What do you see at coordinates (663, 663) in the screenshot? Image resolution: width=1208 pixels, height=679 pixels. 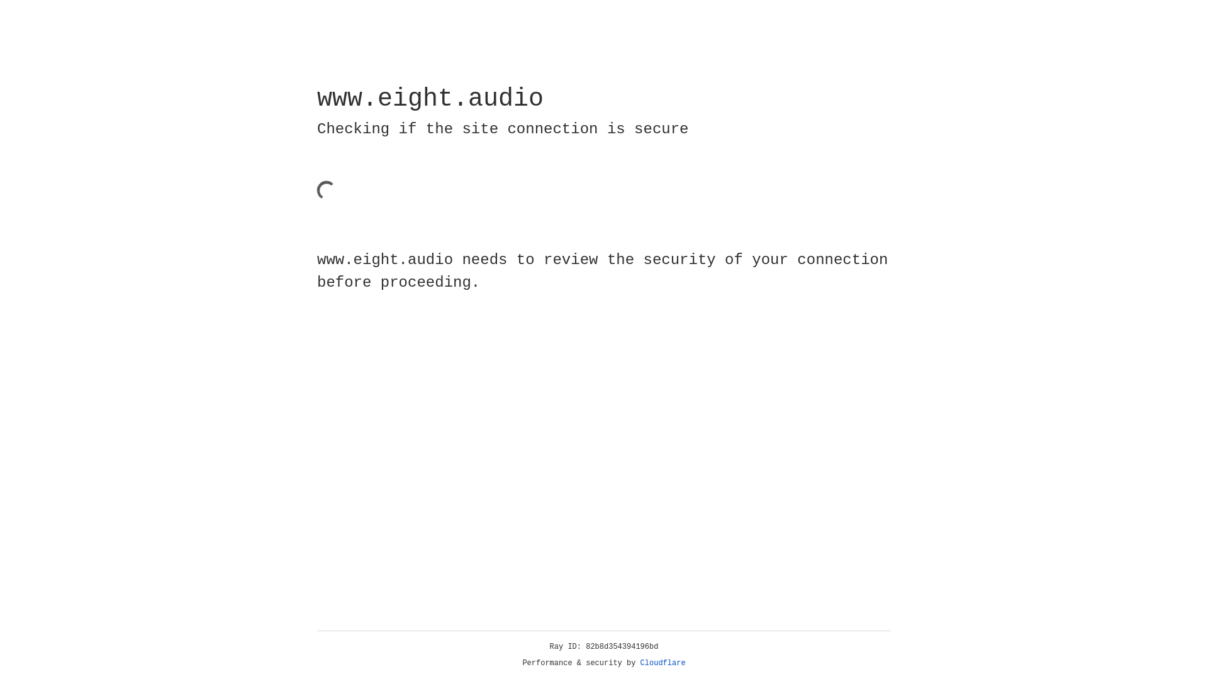 I see `'Cloudflare'` at bounding box center [663, 663].